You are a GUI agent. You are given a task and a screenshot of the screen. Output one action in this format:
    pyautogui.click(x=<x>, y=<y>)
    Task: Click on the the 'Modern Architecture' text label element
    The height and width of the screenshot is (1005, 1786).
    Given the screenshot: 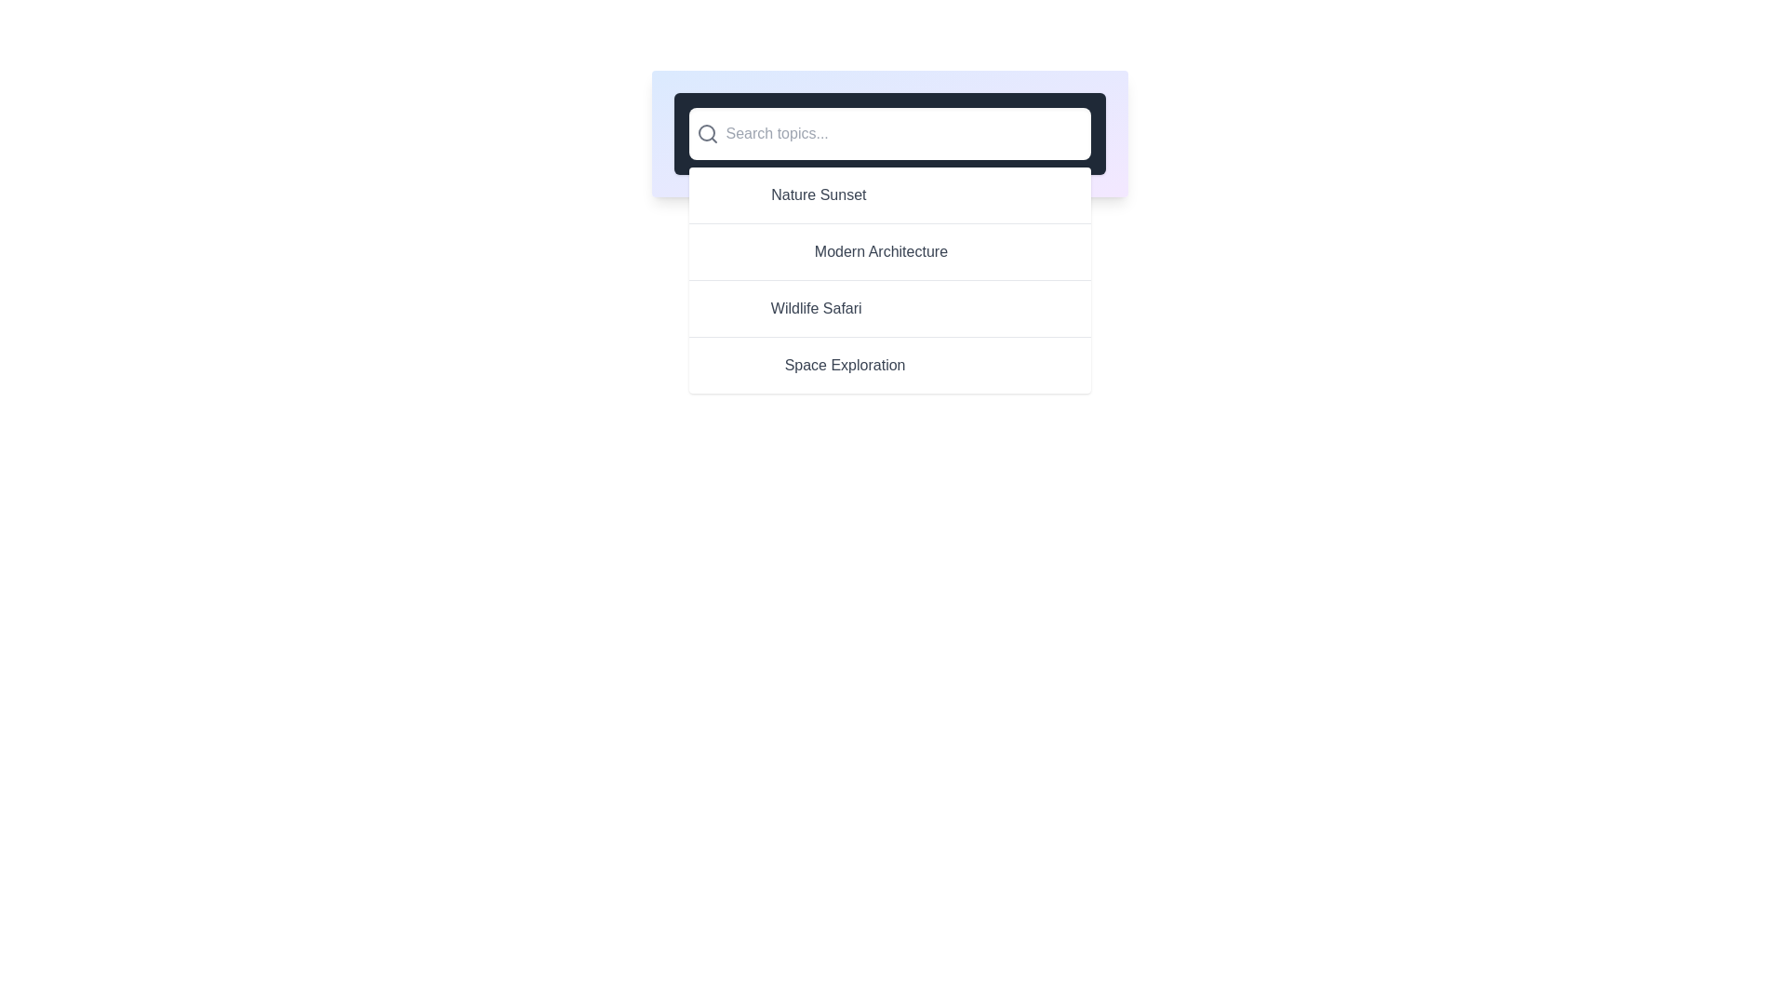 What is the action you would take?
    pyautogui.click(x=880, y=251)
    